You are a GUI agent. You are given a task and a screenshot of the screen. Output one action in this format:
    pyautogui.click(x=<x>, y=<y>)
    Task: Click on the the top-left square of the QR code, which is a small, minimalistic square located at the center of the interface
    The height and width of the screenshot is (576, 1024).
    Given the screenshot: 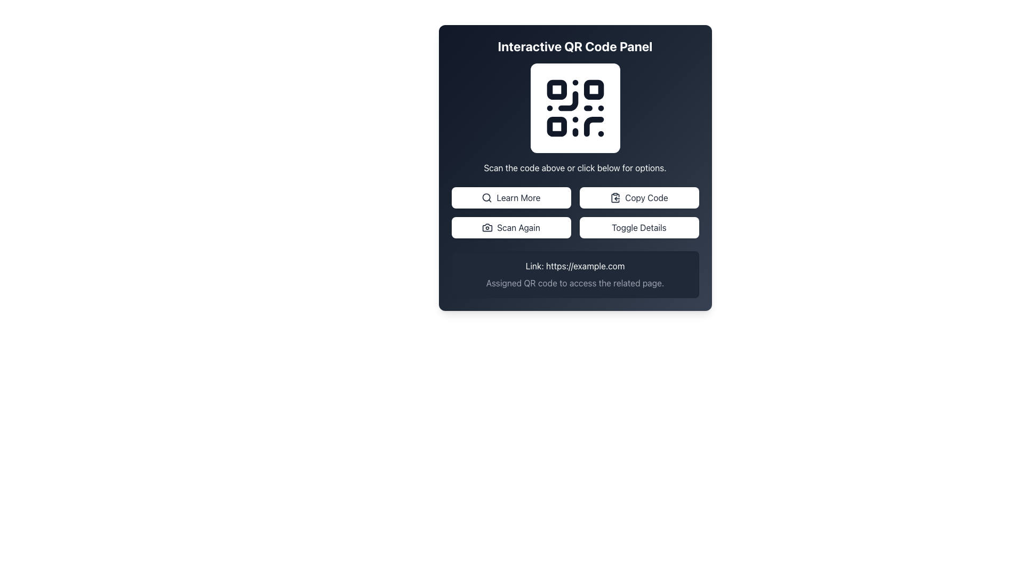 What is the action you would take?
    pyautogui.click(x=556, y=89)
    